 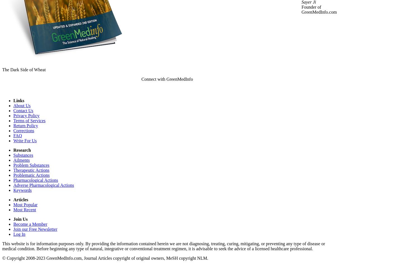 What do you see at coordinates (2, 69) in the screenshot?
I see `'The Dark Side of Wheat'` at bounding box center [2, 69].